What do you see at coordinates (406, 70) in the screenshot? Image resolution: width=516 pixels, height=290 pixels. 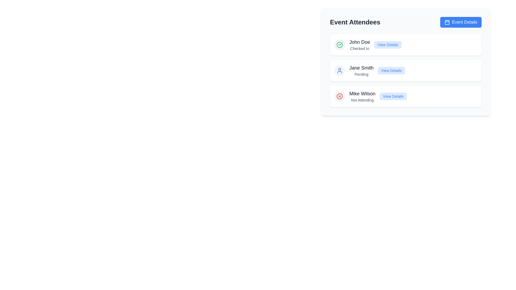 I see `the 'View Details' link in the attendee information section located in the 'Event Attendees' list, specifically the second entry between 'John Doe' and 'Mike Wilson'` at bounding box center [406, 70].